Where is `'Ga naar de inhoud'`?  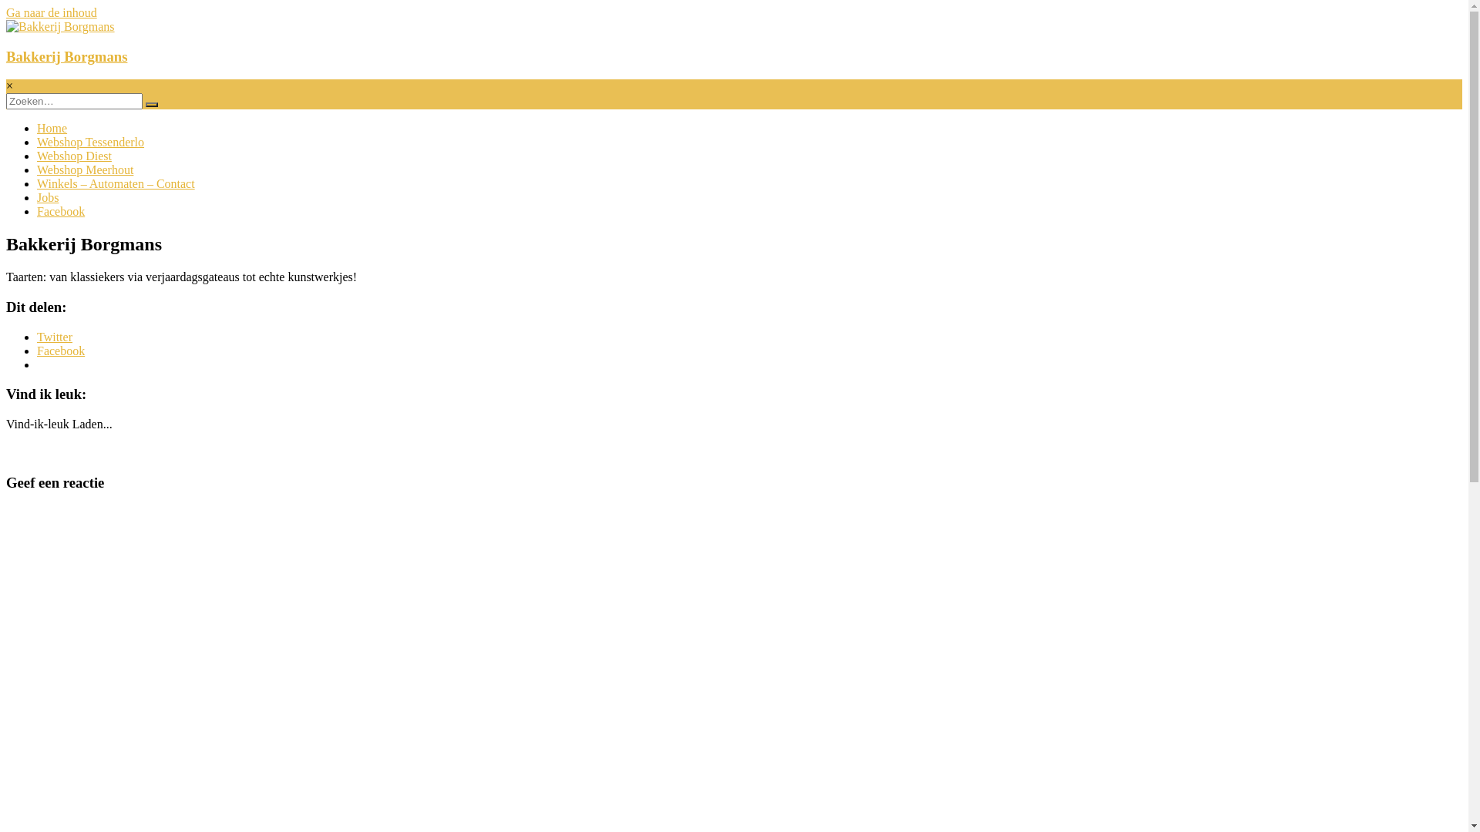 'Ga naar de inhoud' is located at coordinates (52, 12).